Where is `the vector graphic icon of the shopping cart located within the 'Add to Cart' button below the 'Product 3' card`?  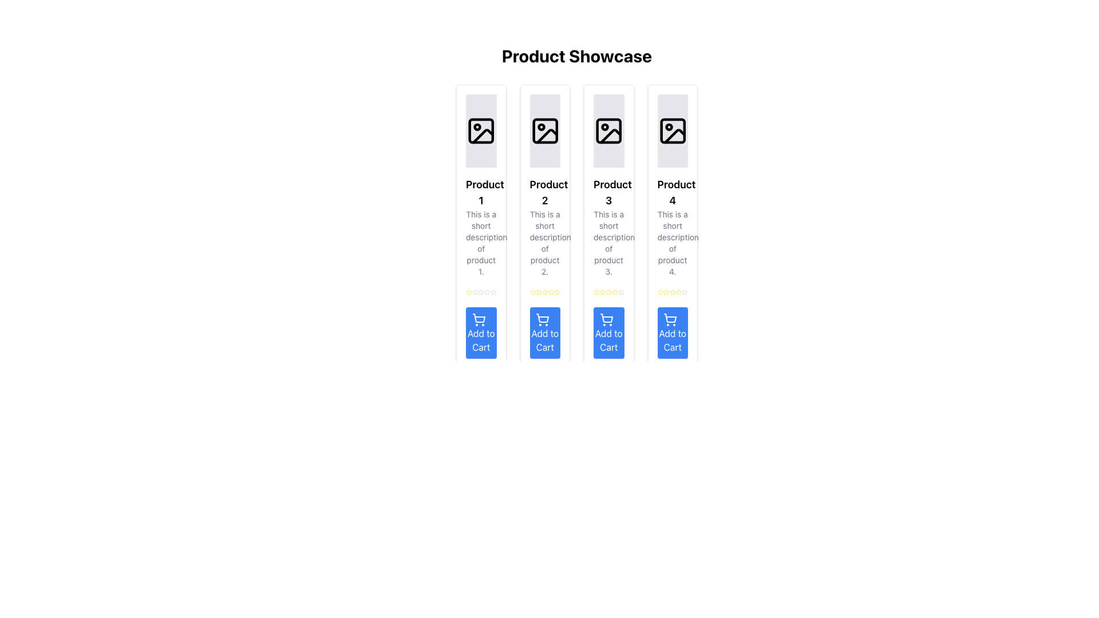
the vector graphic icon of the shopping cart located within the 'Add to Cart' button below the 'Product 3' card is located at coordinates (542, 318).